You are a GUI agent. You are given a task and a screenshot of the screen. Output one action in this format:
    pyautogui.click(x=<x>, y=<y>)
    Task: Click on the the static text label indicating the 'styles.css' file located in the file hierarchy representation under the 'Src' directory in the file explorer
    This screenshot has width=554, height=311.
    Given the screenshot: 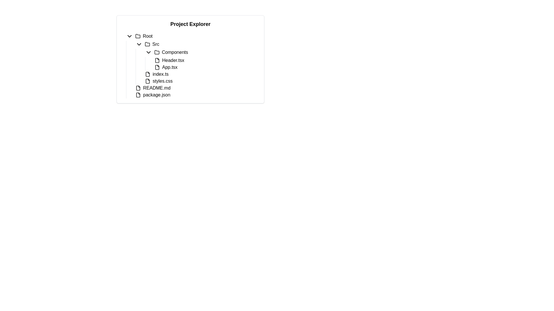 What is the action you would take?
    pyautogui.click(x=162, y=81)
    